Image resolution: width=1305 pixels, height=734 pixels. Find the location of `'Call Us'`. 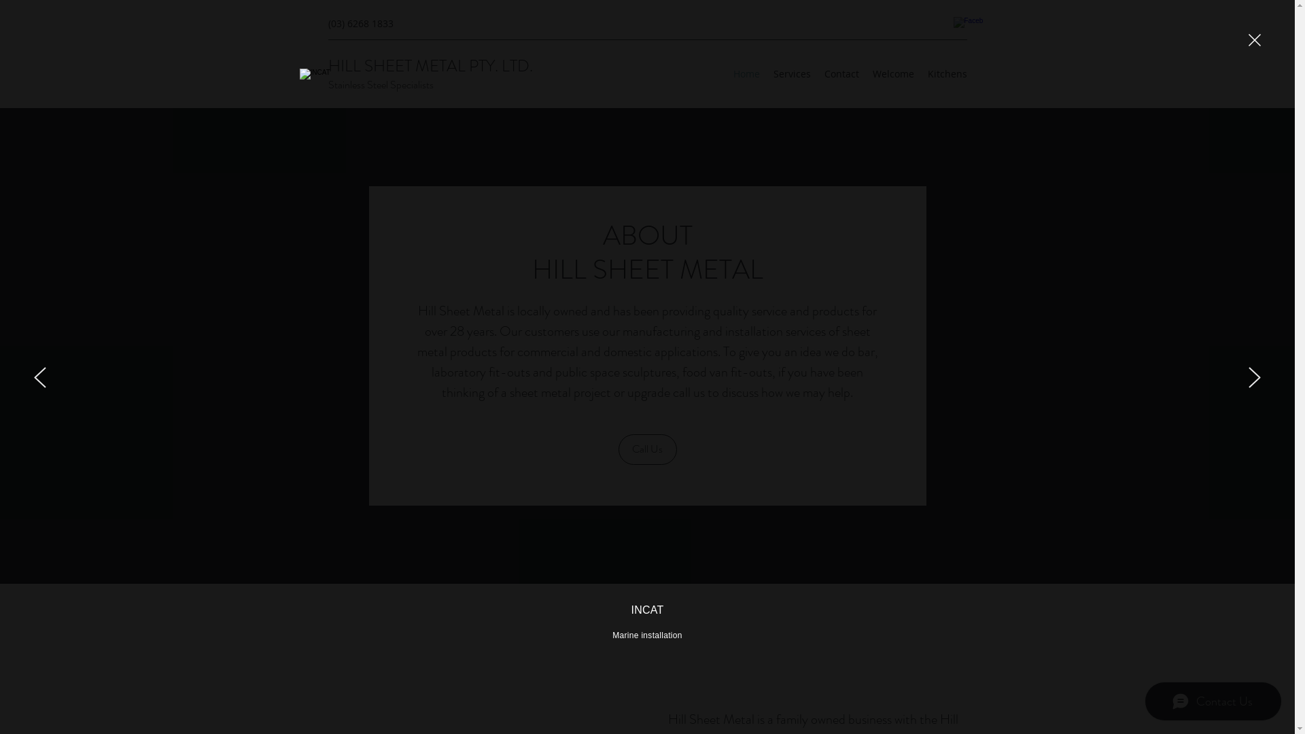

'Call Us' is located at coordinates (647, 449).